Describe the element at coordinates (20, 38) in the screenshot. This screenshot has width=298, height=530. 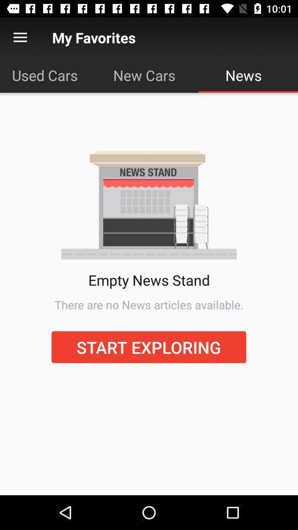
I see `item to the left of the my favorites icon` at that location.